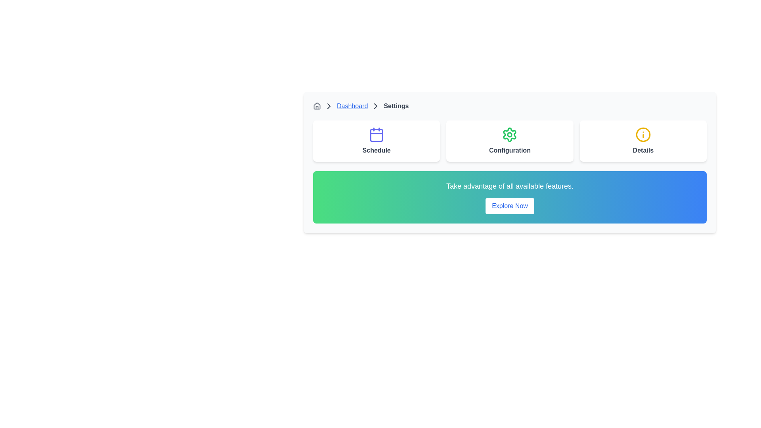 The image size is (761, 428). What do you see at coordinates (376, 135) in the screenshot?
I see `the blank SVG rectangle with rounded corners located centrally within the calendar icon in the 'Schedule' section` at bounding box center [376, 135].